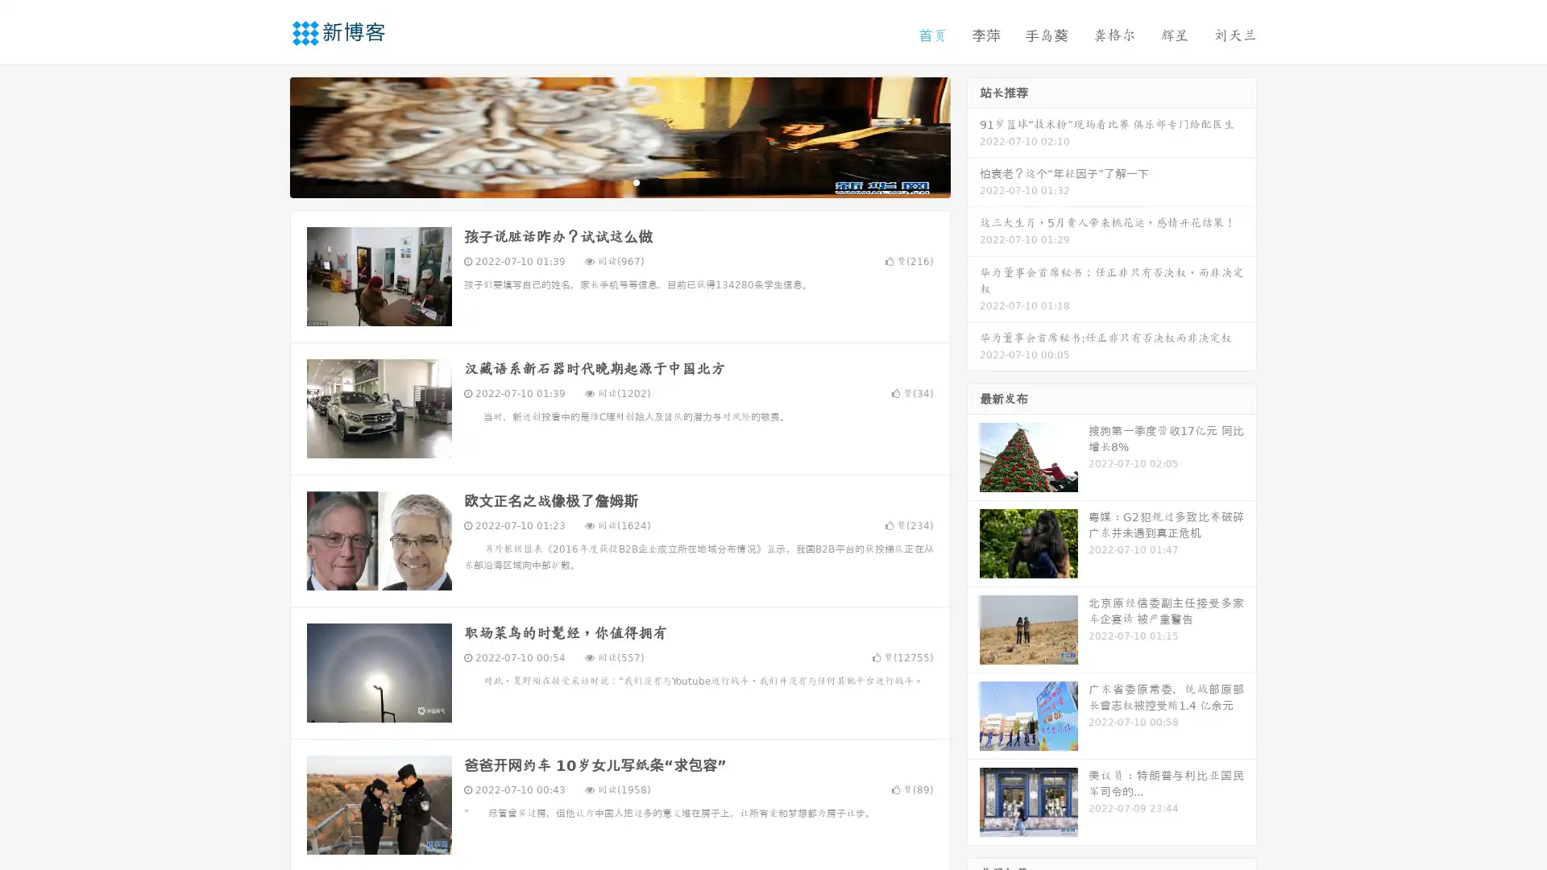 This screenshot has width=1547, height=870. Describe the element at coordinates (619, 181) in the screenshot. I see `Go to slide 2` at that location.